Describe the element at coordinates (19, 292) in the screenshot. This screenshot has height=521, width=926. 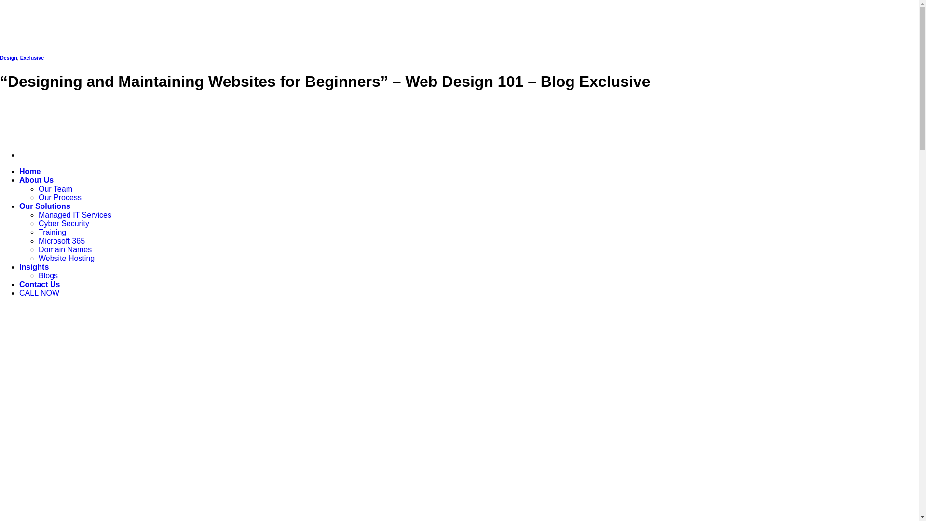
I see `'CALL NOW'` at that location.